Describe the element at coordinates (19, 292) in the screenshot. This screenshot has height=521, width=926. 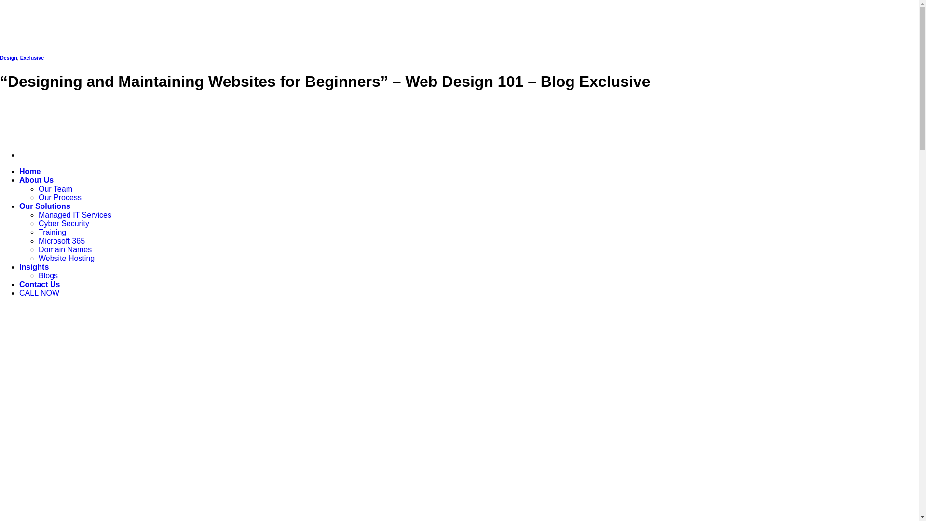
I see `'CALL NOW'` at that location.